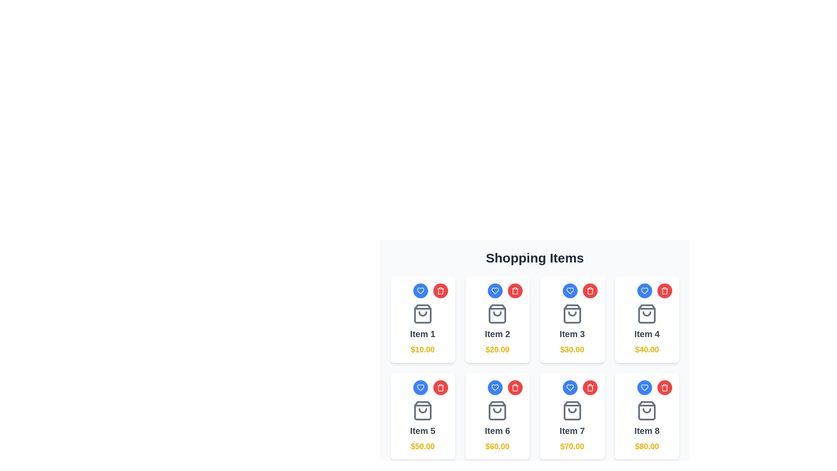  What do you see at coordinates (644, 387) in the screenshot?
I see `the heart-shaped icon located in the top-left corner of the 'Item 8' card` at bounding box center [644, 387].